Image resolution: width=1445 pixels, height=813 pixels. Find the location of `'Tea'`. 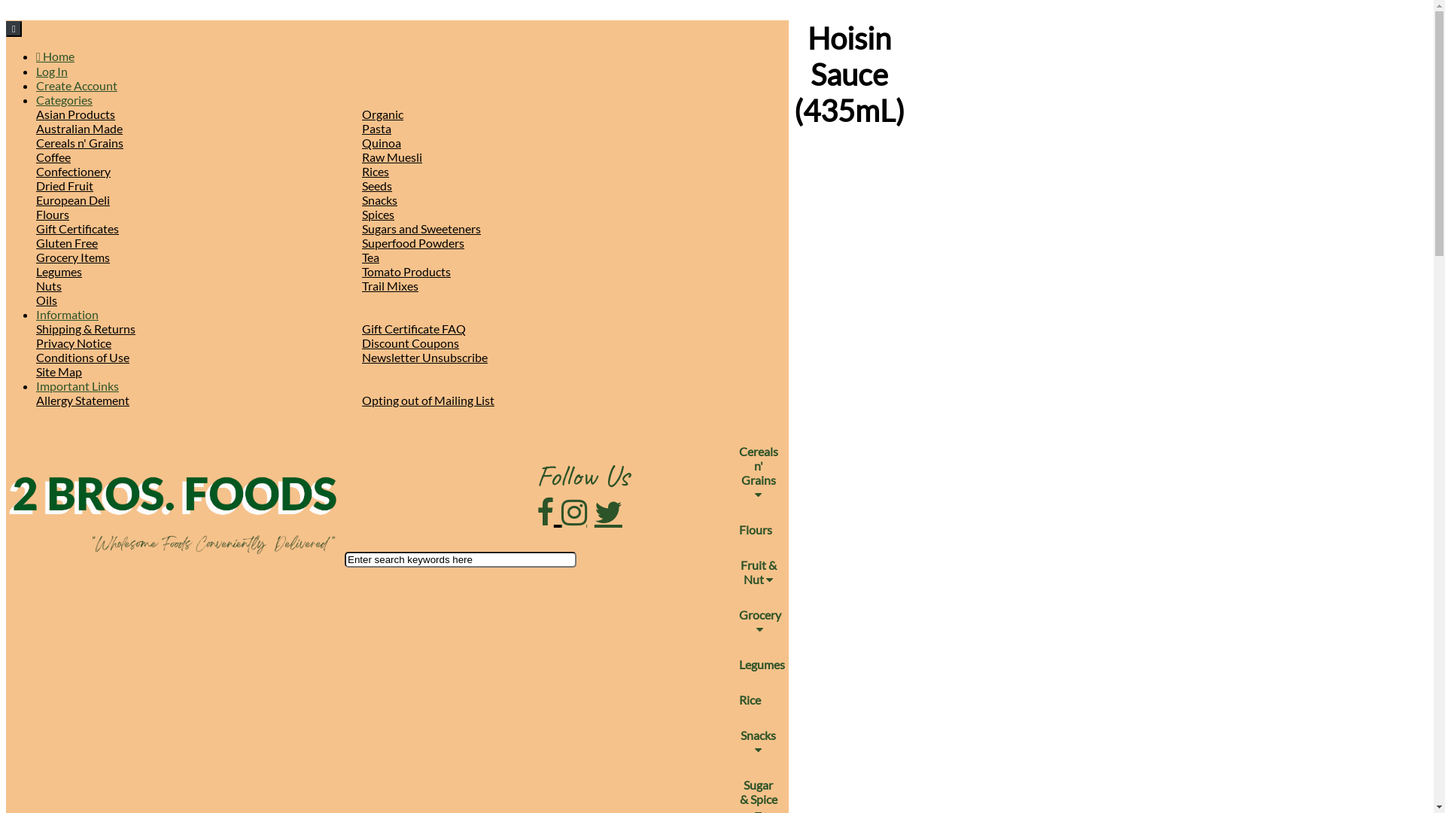

'Tea' is located at coordinates (370, 256).